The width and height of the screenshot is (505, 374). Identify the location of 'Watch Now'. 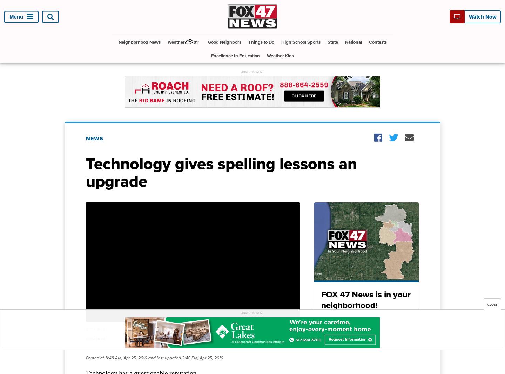
(482, 16).